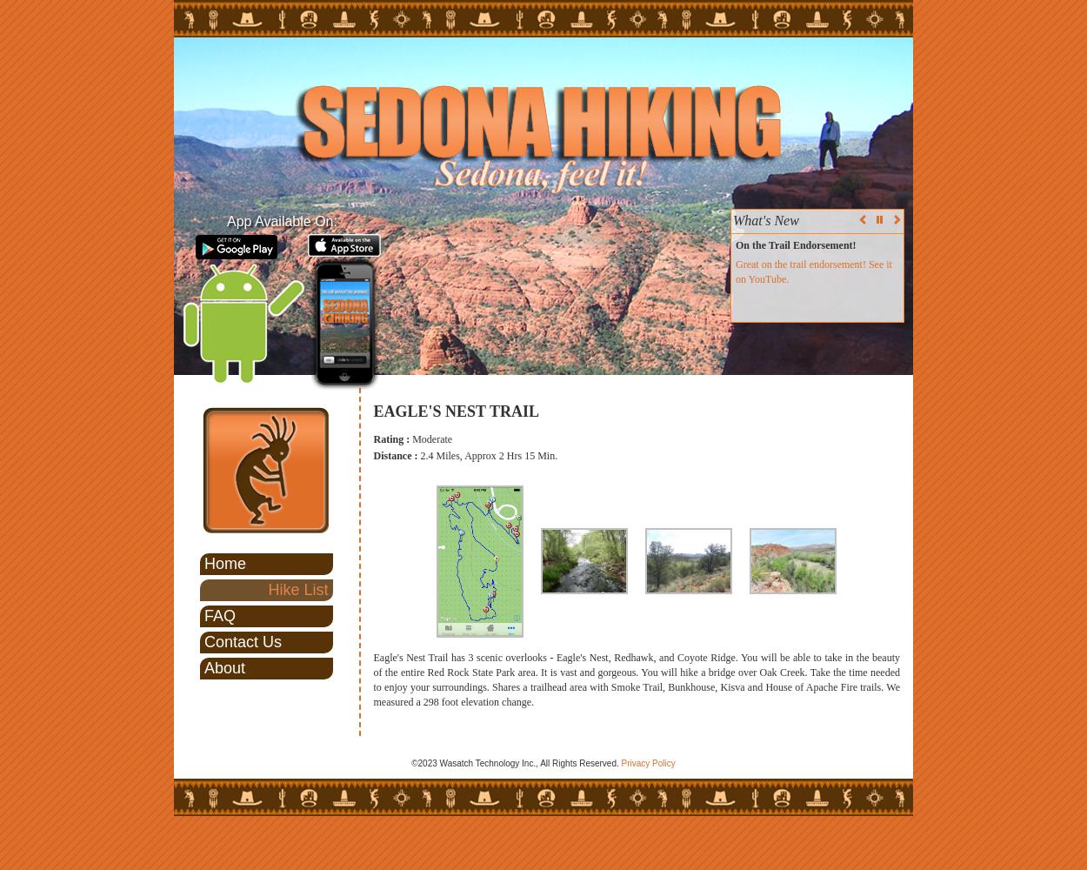 Image resolution: width=1087 pixels, height=870 pixels. What do you see at coordinates (225, 564) in the screenshot?
I see `'Home'` at bounding box center [225, 564].